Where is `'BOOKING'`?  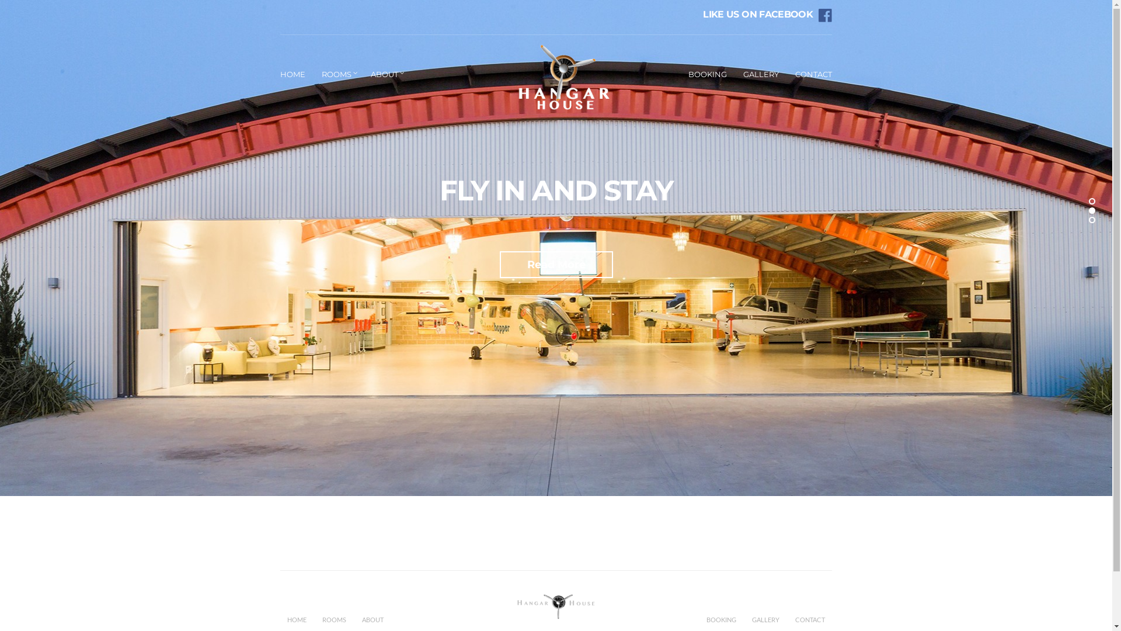 'BOOKING' is located at coordinates (720, 620).